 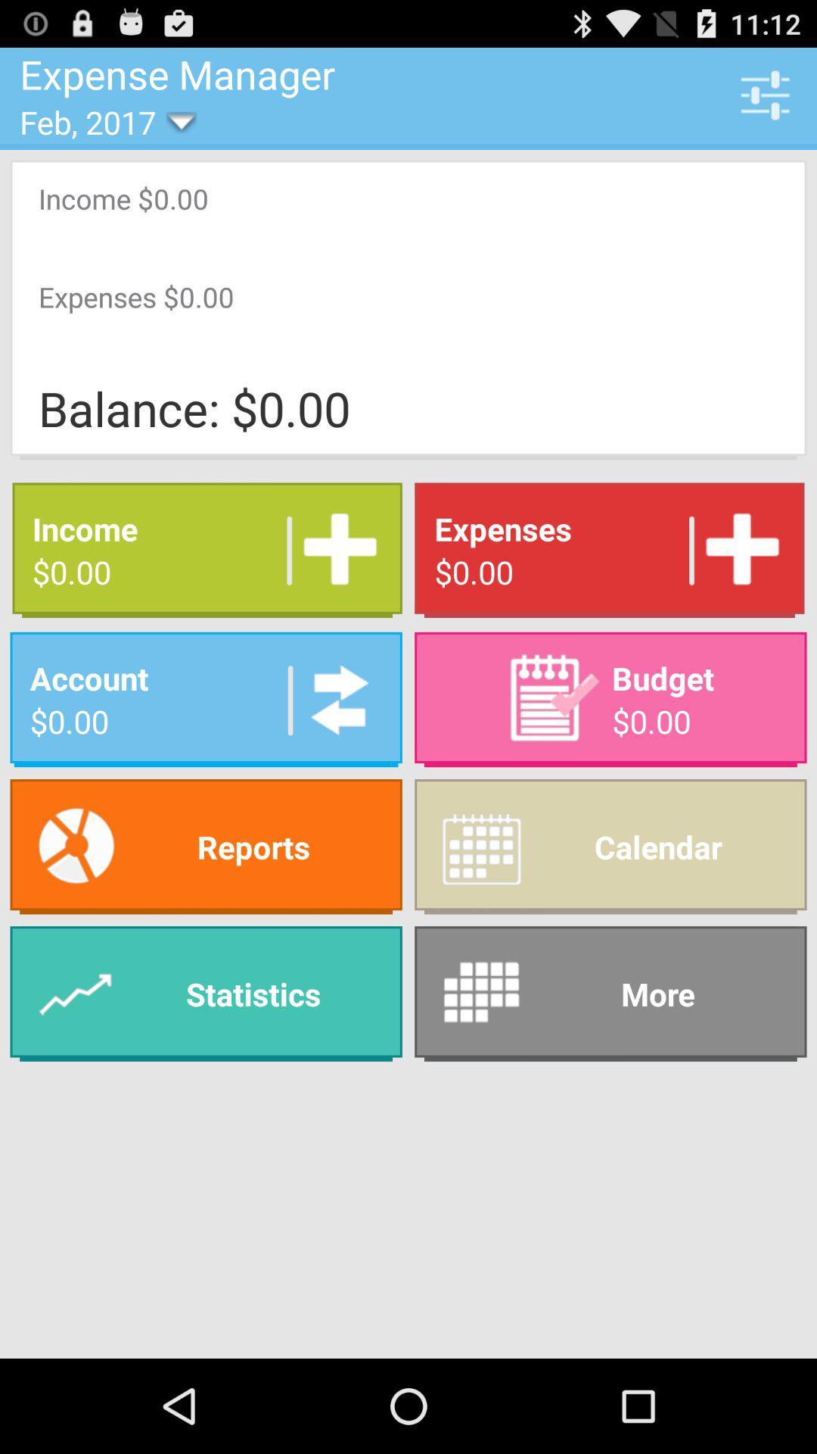 I want to click on account, so click(x=334, y=698).